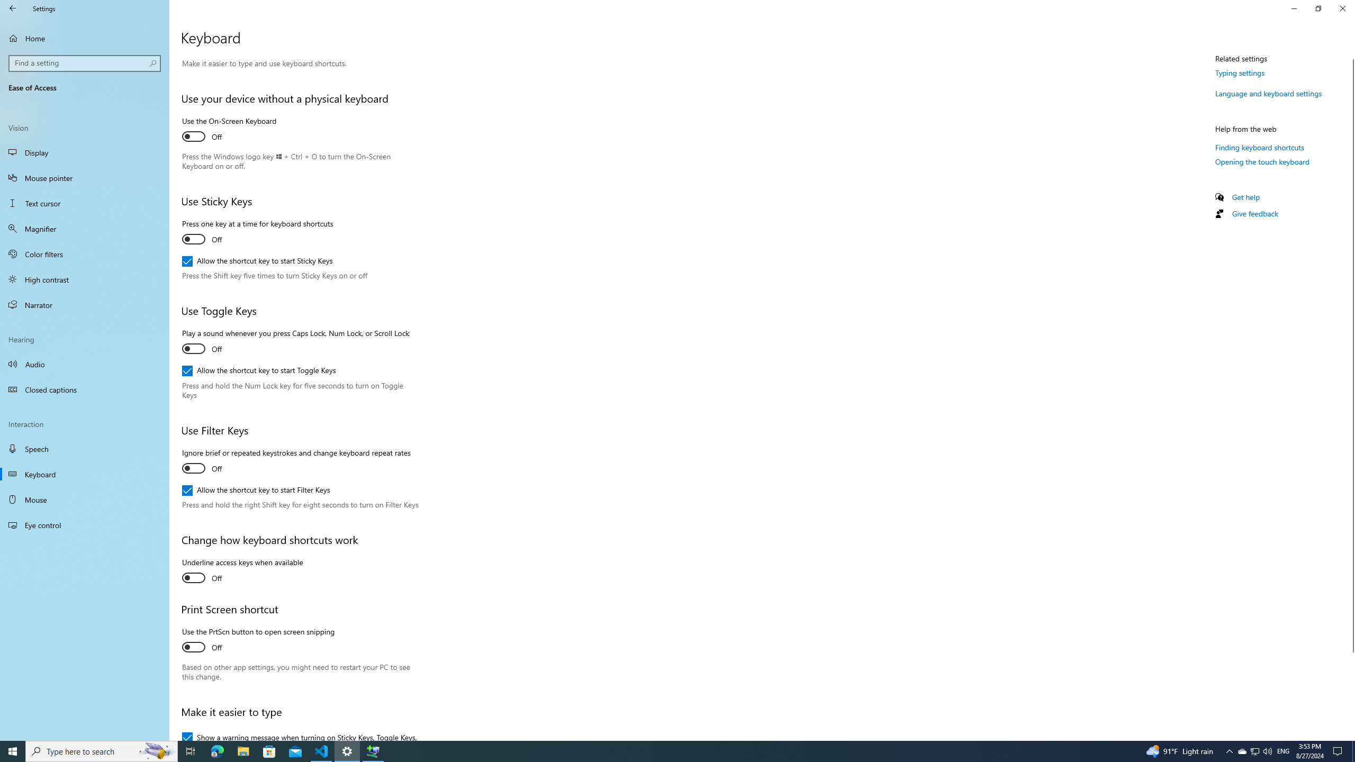 The height and width of the screenshot is (762, 1355). I want to click on 'Use the PrtScn button to open screen snipping', so click(257, 640).